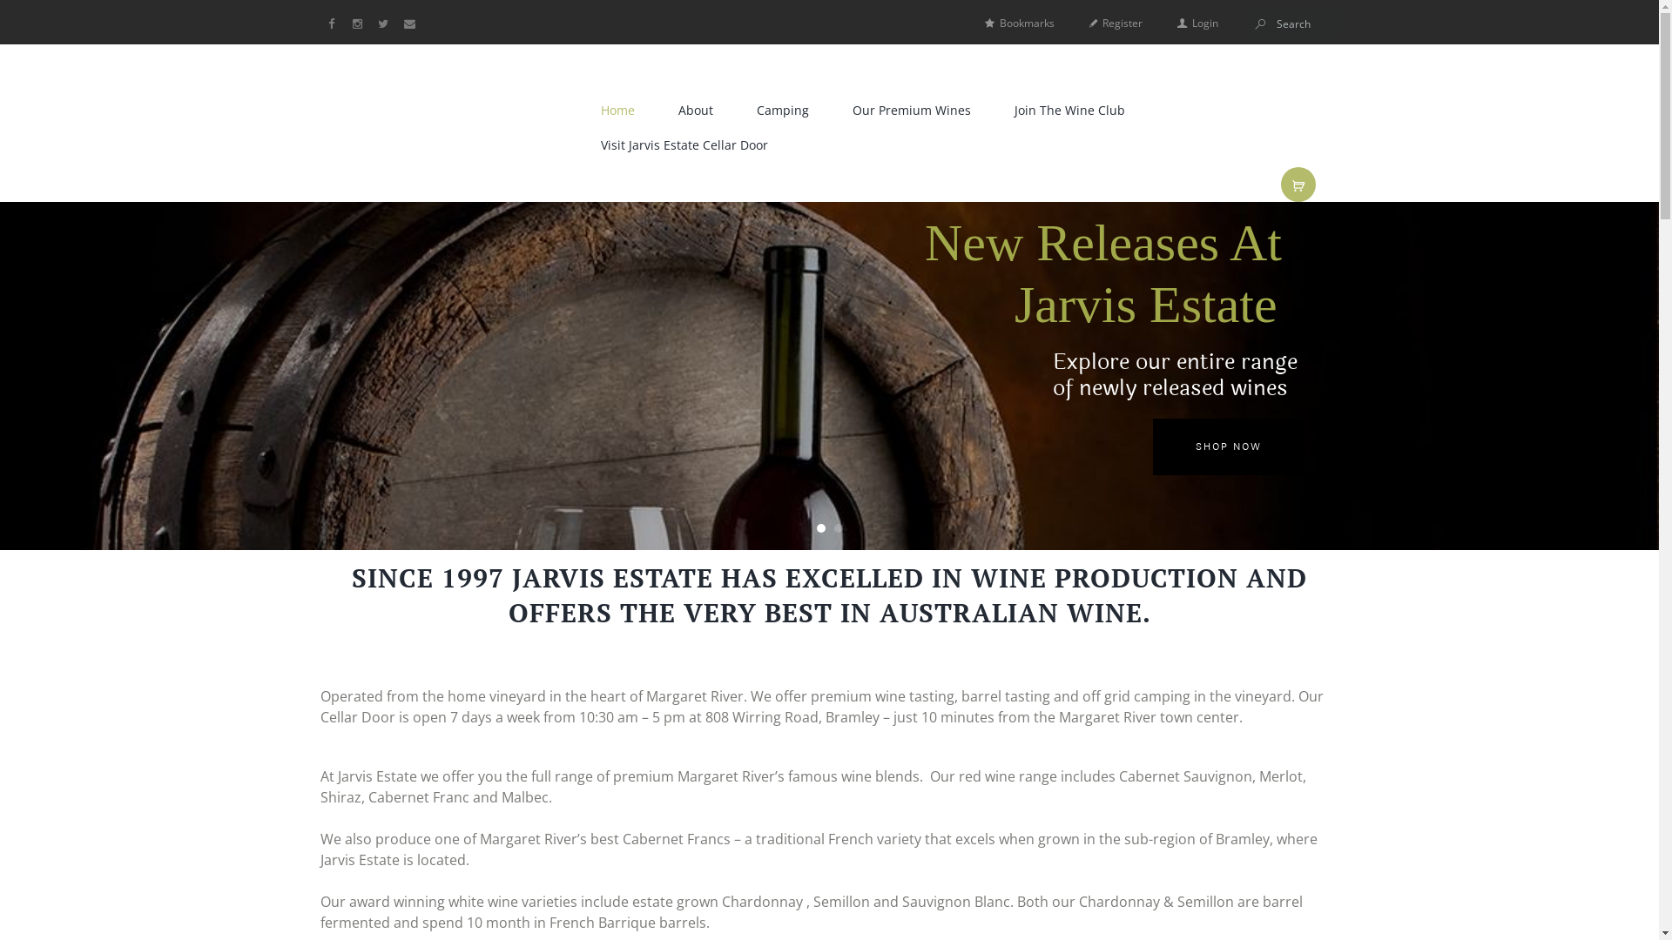 The height and width of the screenshot is (940, 1672). Describe the element at coordinates (780, 109) in the screenshot. I see `'Camping'` at that location.